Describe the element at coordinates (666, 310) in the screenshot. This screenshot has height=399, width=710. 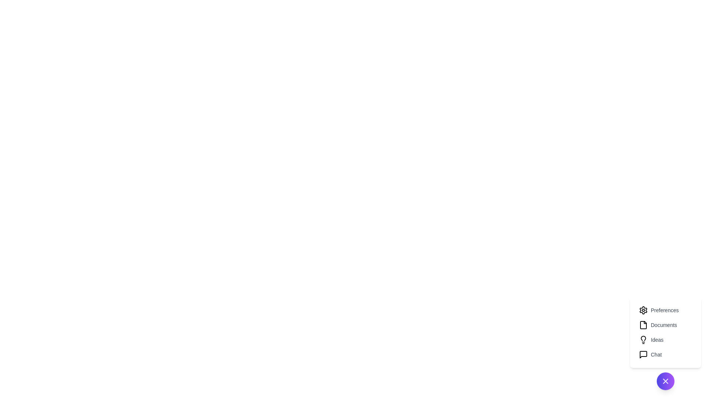
I see `the menu item labeled Preferences to observe its hover effect` at that location.